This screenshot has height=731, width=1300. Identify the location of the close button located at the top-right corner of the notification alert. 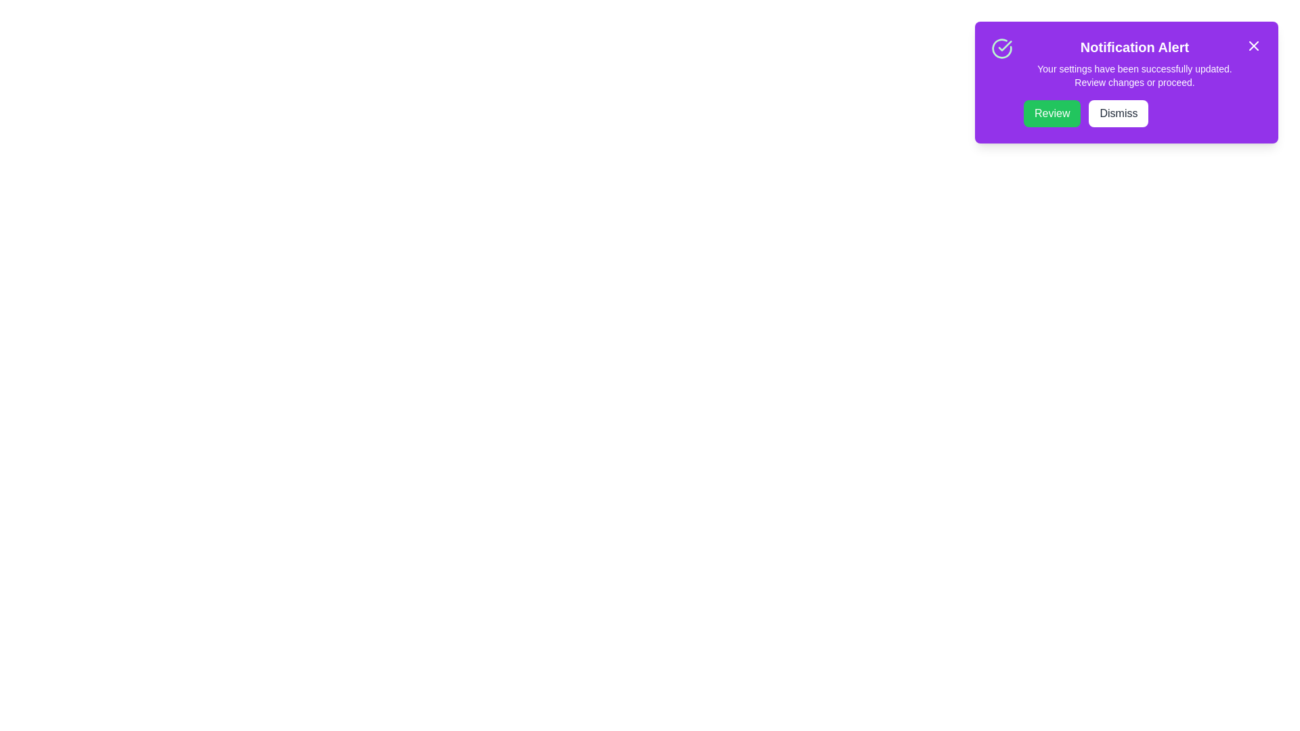
(1253, 45).